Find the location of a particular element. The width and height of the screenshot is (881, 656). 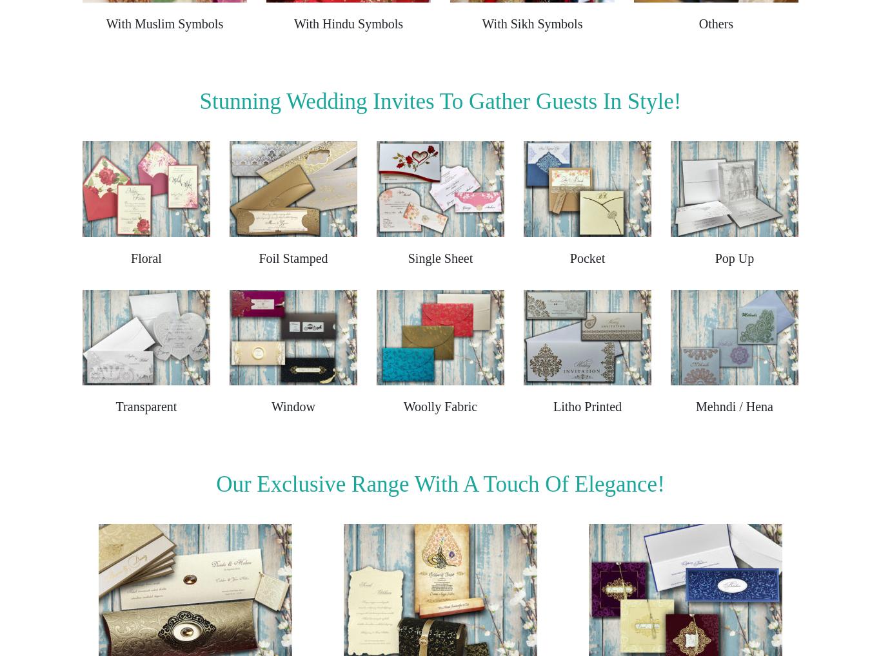

'Others' is located at coordinates (715, 23).